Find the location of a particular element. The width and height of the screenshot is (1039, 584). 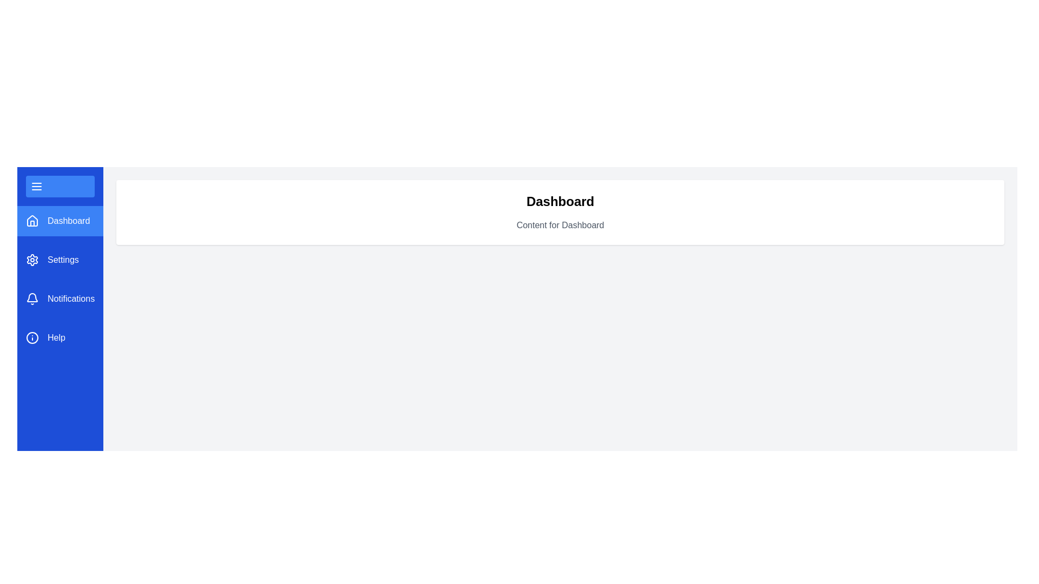

the text label that provides a secondary description related to the 'Dashboard' section, which is located within a white card below the heading 'Dashboard' is located at coordinates (560, 224).